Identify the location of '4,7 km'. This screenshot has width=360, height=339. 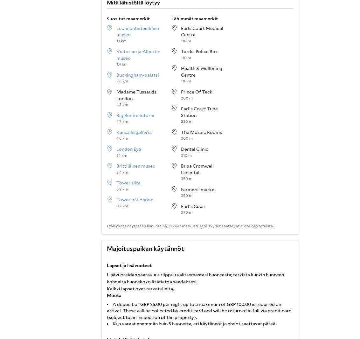
(116, 121).